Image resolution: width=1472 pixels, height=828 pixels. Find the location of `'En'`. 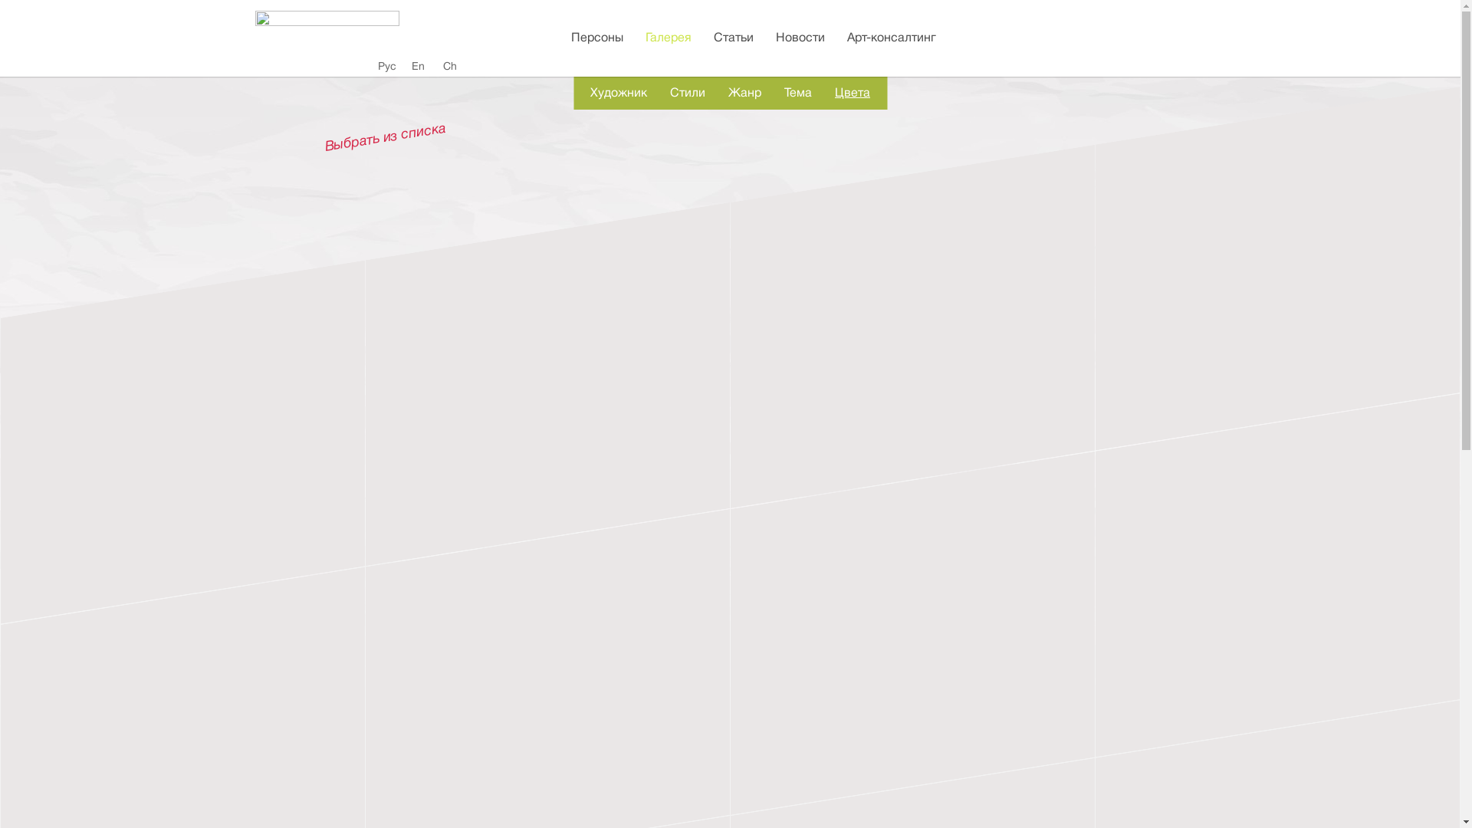

'En' is located at coordinates (418, 66).